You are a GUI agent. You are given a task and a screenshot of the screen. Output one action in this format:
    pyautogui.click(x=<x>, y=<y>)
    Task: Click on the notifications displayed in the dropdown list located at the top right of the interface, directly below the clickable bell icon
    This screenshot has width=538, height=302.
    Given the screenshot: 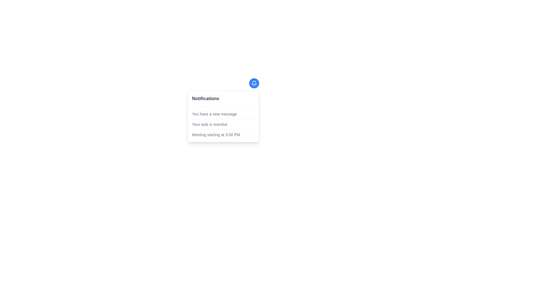 What is the action you would take?
    pyautogui.click(x=223, y=116)
    